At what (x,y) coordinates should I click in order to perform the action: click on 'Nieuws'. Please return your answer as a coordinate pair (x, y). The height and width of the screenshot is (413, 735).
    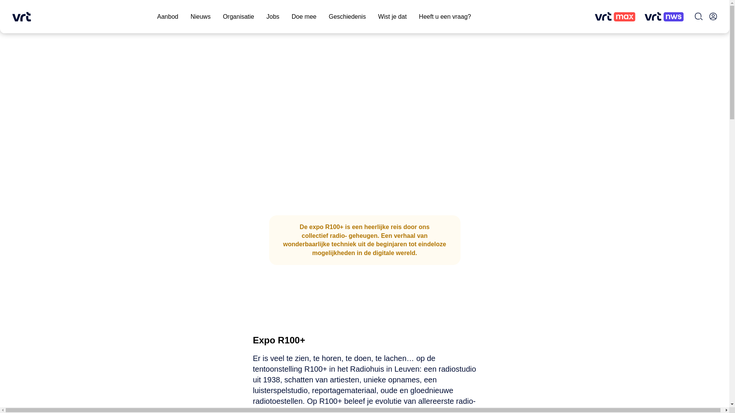
    Looking at the image, I should click on (200, 16).